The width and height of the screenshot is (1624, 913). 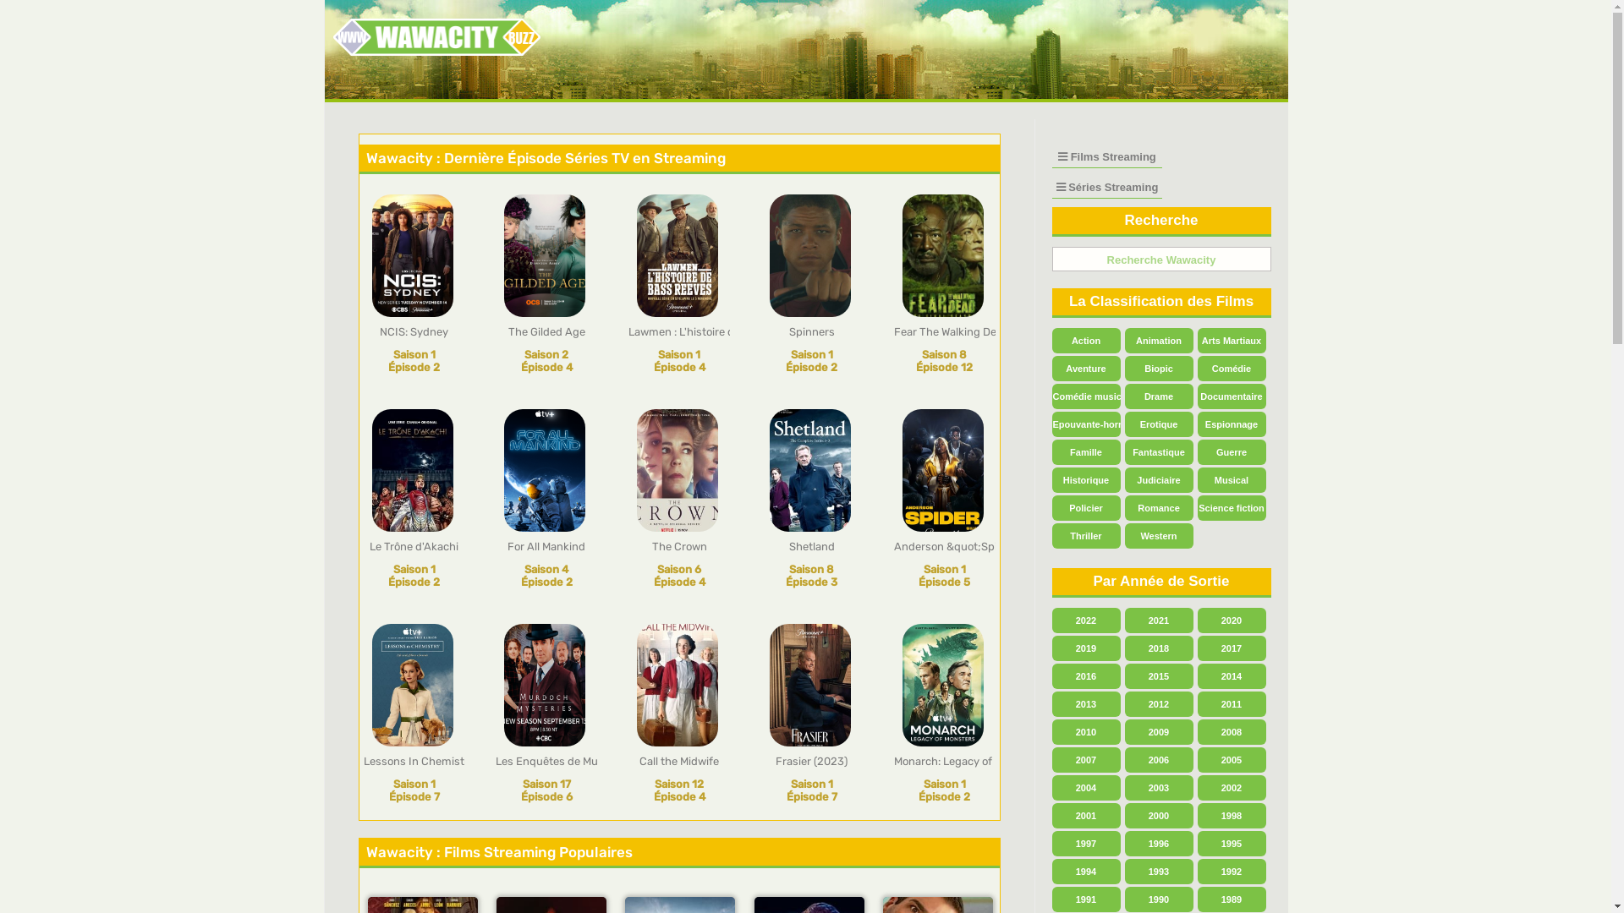 What do you see at coordinates (1197, 451) in the screenshot?
I see `'Guerre'` at bounding box center [1197, 451].